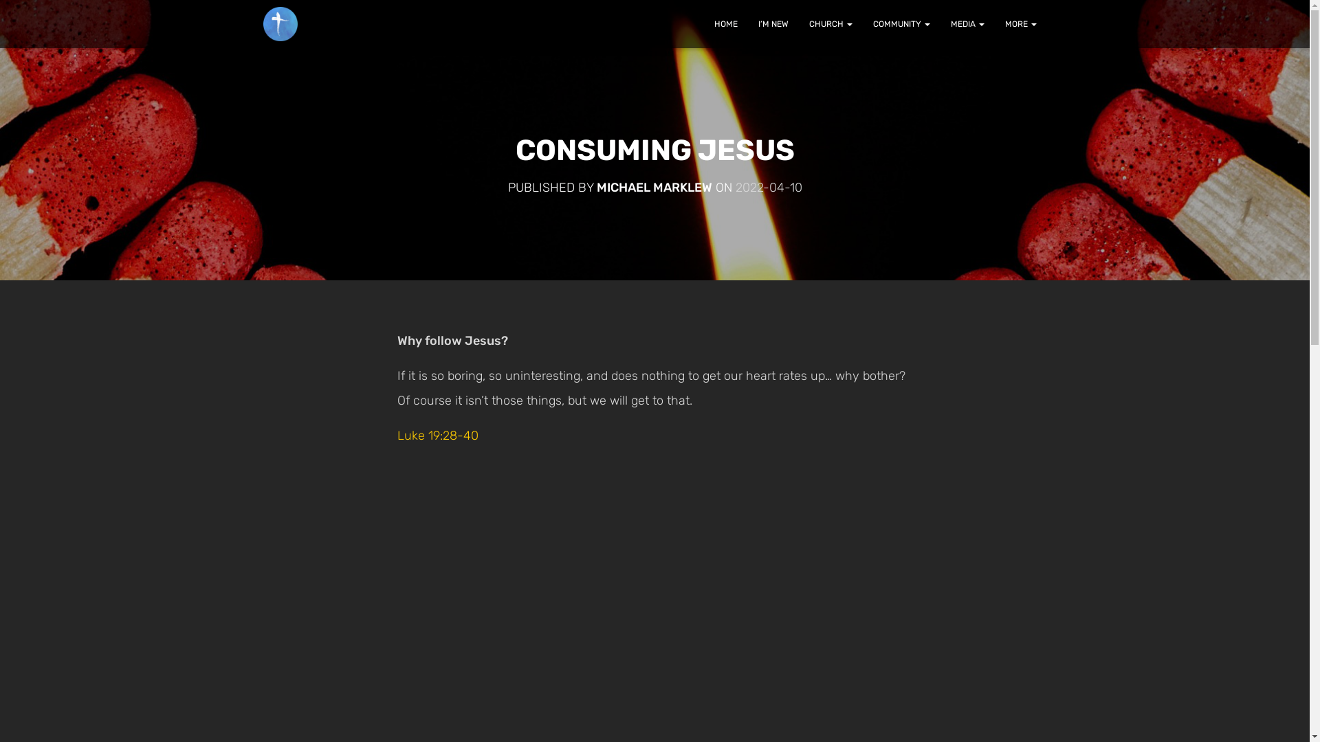 The image size is (1320, 742). Describe the element at coordinates (1020, 23) in the screenshot. I see `'MORE'` at that location.